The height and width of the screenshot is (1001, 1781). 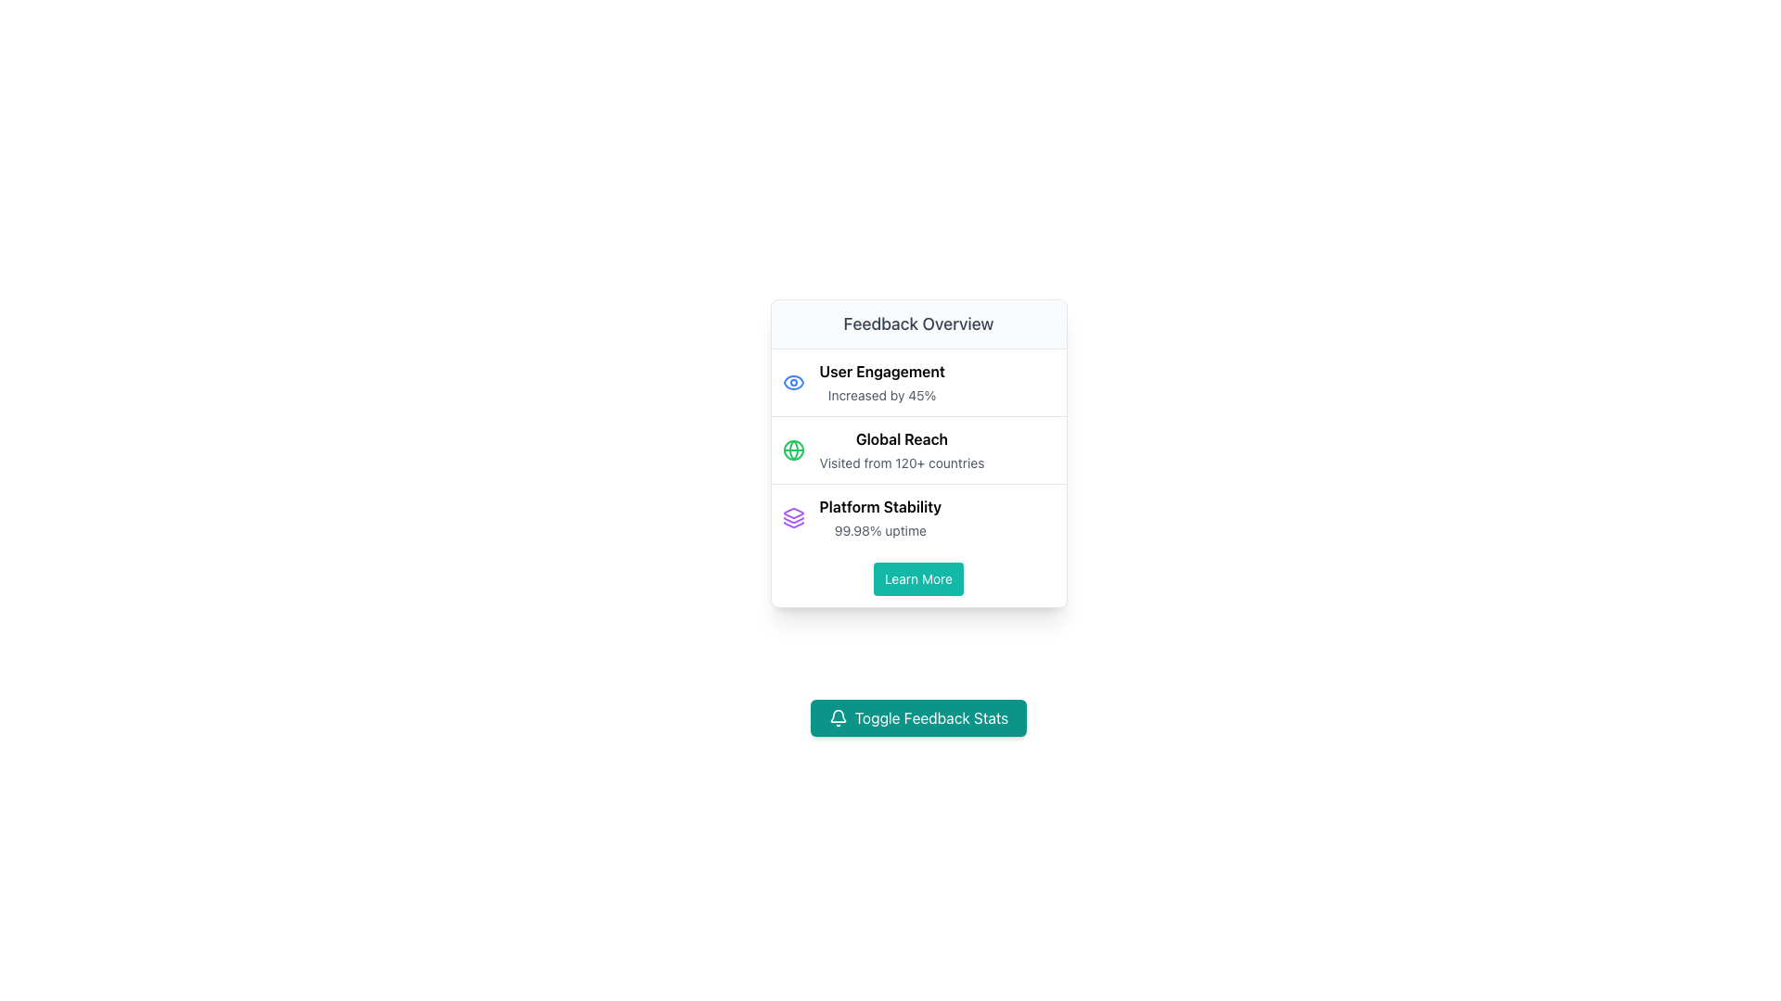 I want to click on the SVG Icon (Eye Symbol) located in the 'User Engagement' card within the 'Feedback Overview' section, which serves as a visual indicator for observation and monitoring, so click(x=793, y=381).